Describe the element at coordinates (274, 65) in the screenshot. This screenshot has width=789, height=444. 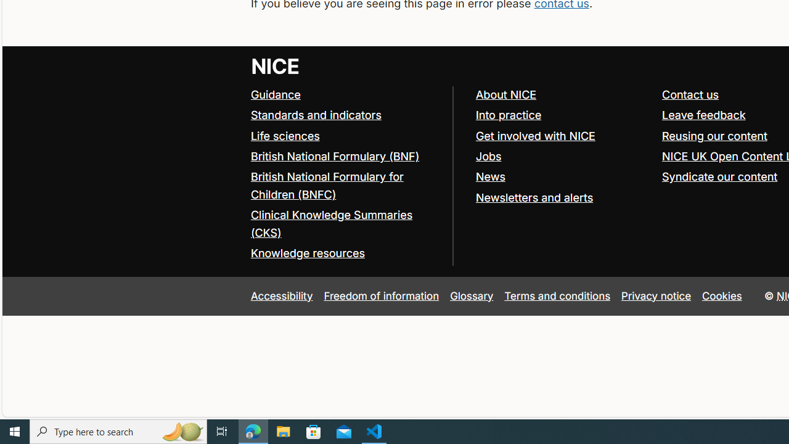
I see `'Go to NICE home page'` at that location.